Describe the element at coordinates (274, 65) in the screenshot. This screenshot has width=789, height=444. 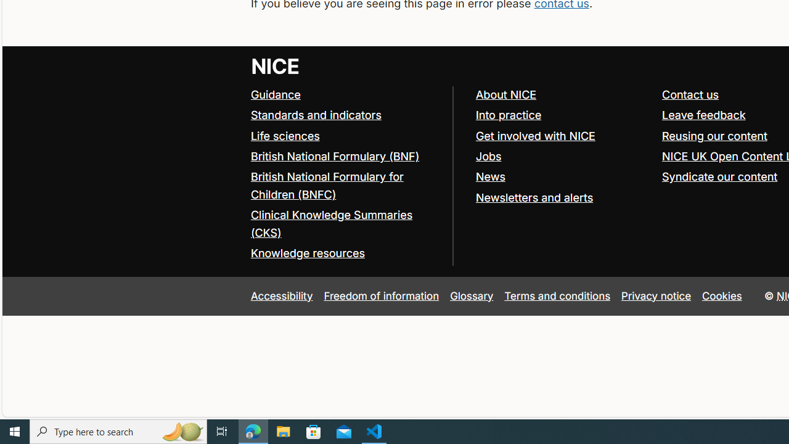
I see `'Go to NICE home page'` at that location.